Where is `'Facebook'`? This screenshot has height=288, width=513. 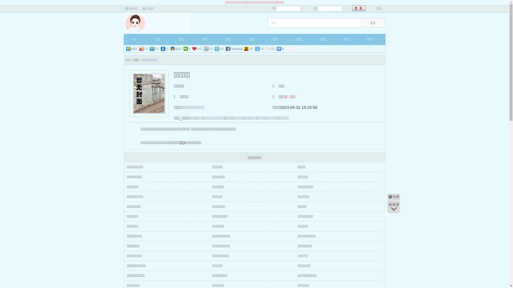
'Facebook' is located at coordinates (234, 49).